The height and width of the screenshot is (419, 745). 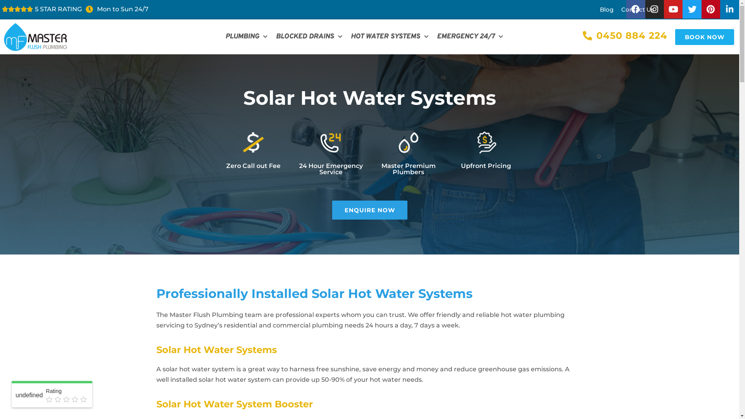 I want to click on 'BLOCKED DRAINS', so click(x=308, y=37).